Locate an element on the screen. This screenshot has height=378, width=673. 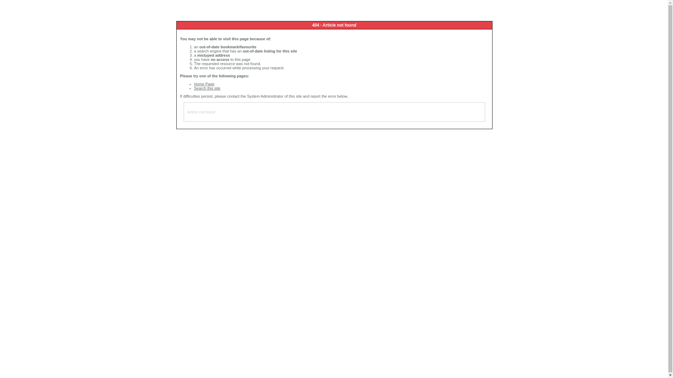
'Search this site' is located at coordinates (194, 87).